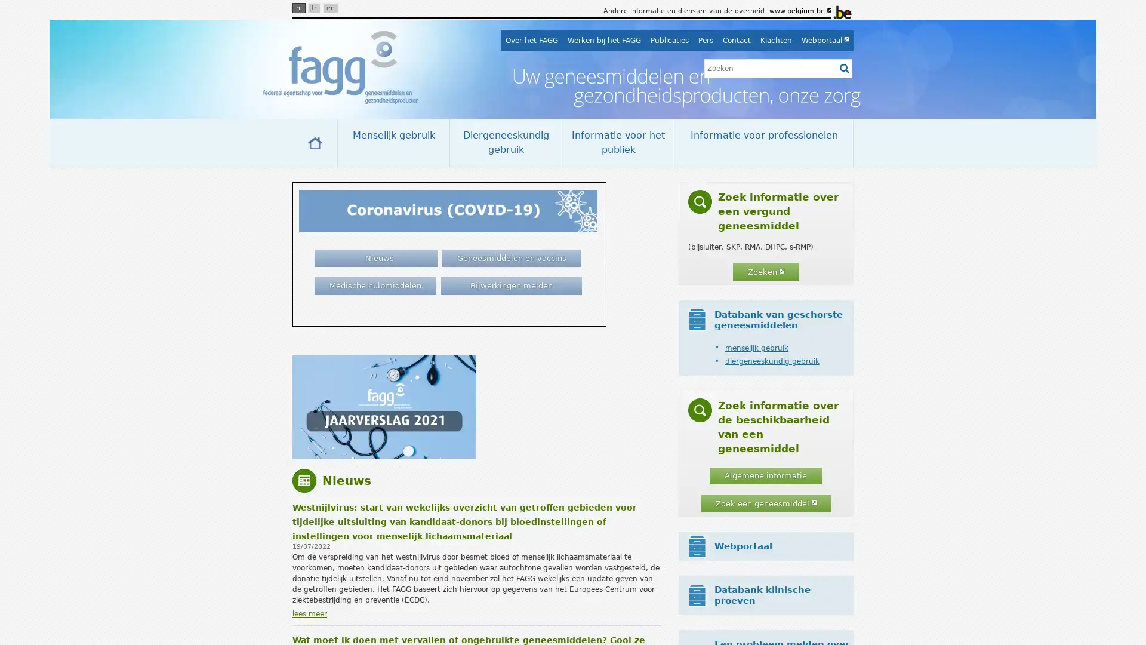 Image resolution: width=1146 pixels, height=645 pixels. Describe the element at coordinates (374, 285) in the screenshot. I see `Medische hulpmiddelen` at that location.